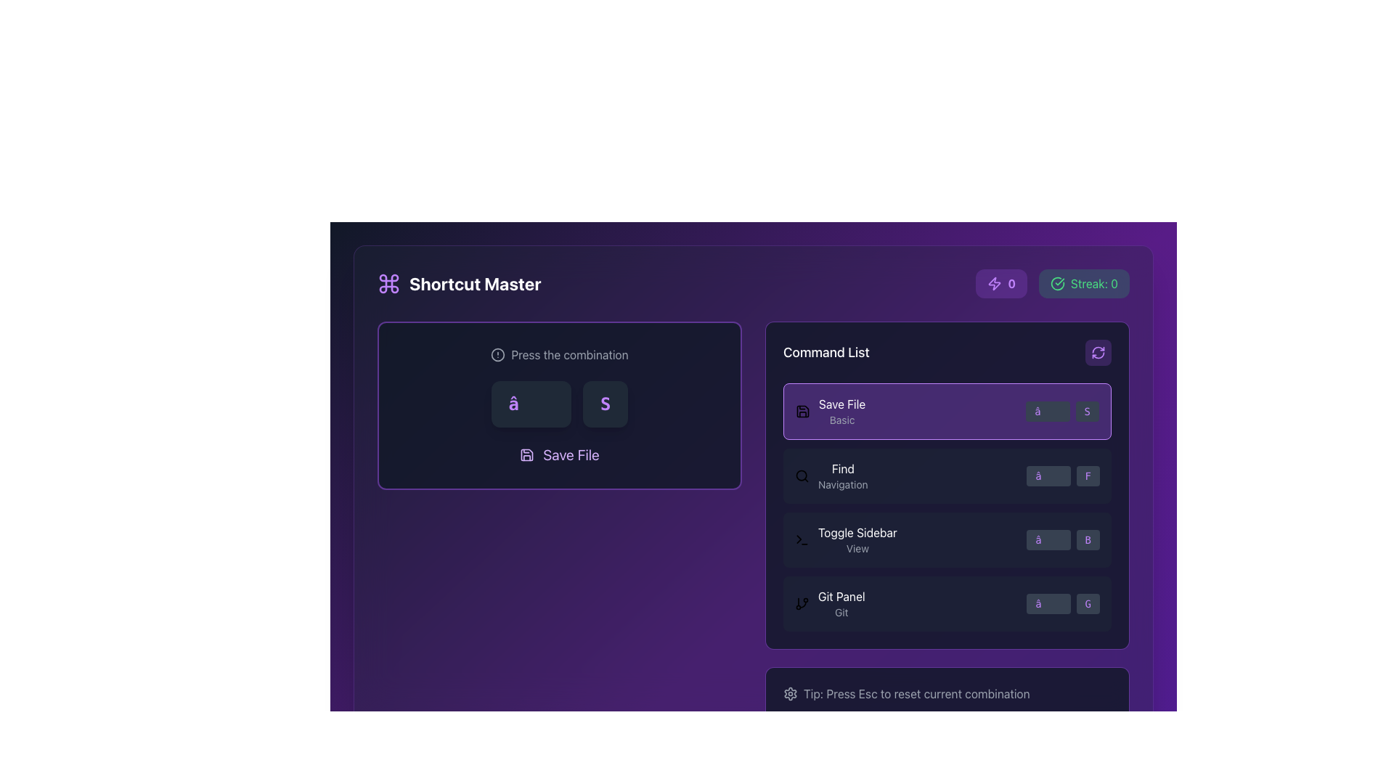 The width and height of the screenshot is (1394, 784). I want to click on the Text Label indicating the function to toggle the visibility of the sidebar, which is the third item in the 'Command List' section on the right panel, so click(857, 532).